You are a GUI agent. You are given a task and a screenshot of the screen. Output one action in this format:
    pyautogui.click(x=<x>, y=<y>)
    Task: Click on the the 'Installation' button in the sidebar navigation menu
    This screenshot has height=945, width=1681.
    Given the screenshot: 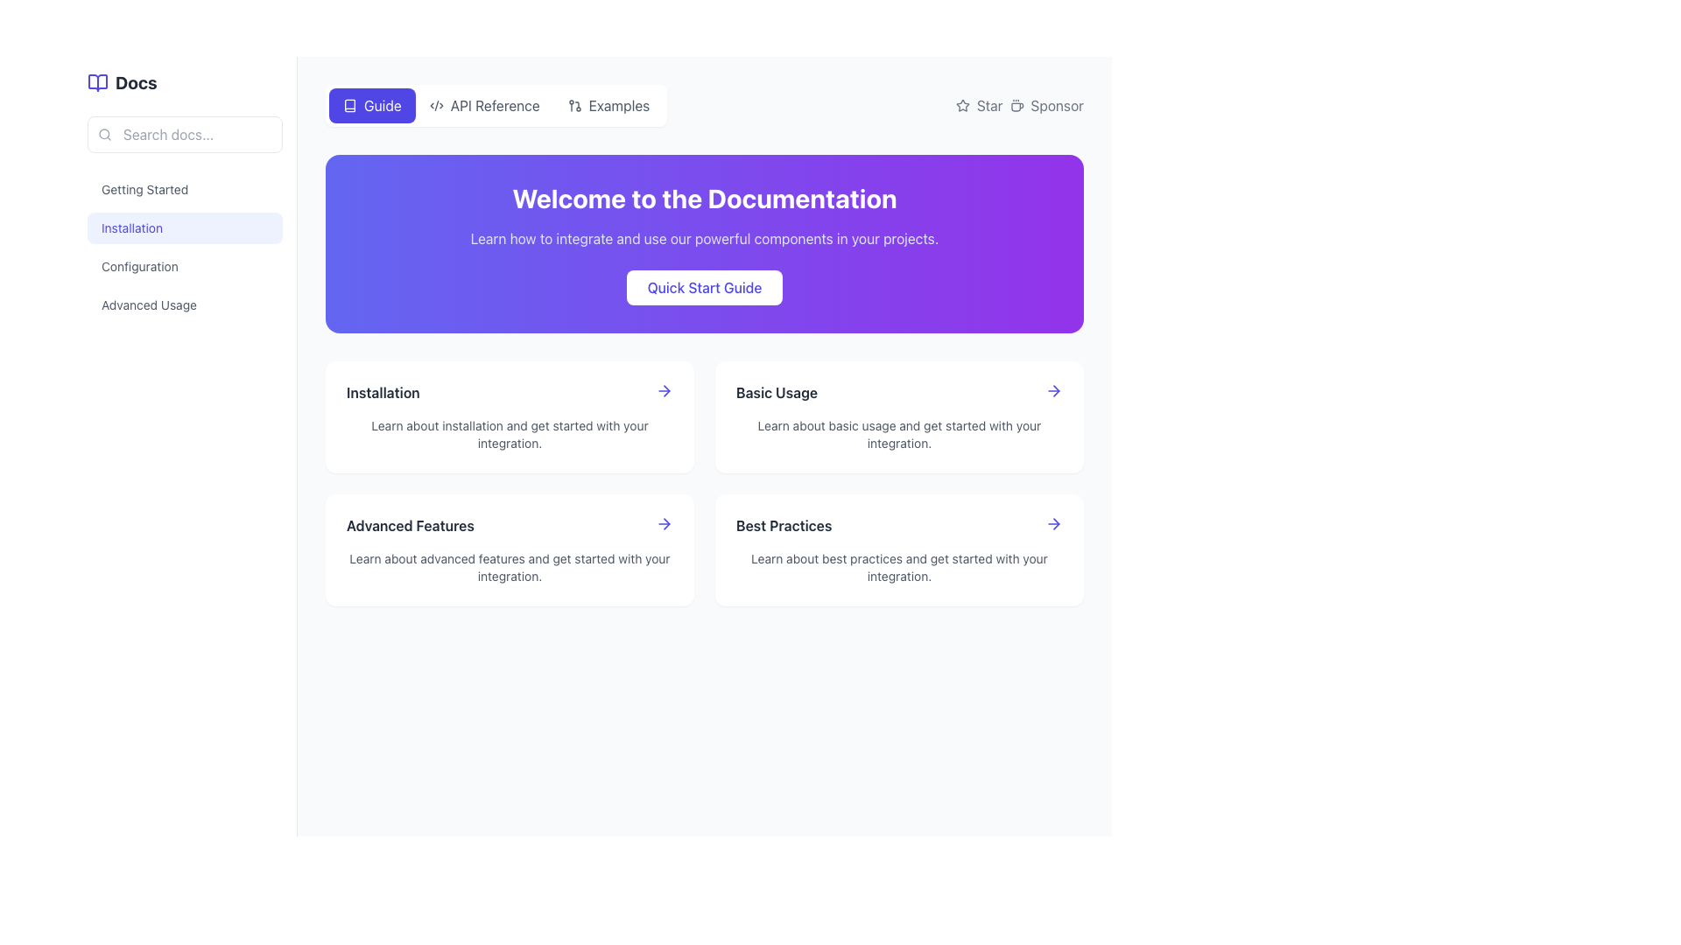 What is the action you would take?
    pyautogui.click(x=185, y=247)
    